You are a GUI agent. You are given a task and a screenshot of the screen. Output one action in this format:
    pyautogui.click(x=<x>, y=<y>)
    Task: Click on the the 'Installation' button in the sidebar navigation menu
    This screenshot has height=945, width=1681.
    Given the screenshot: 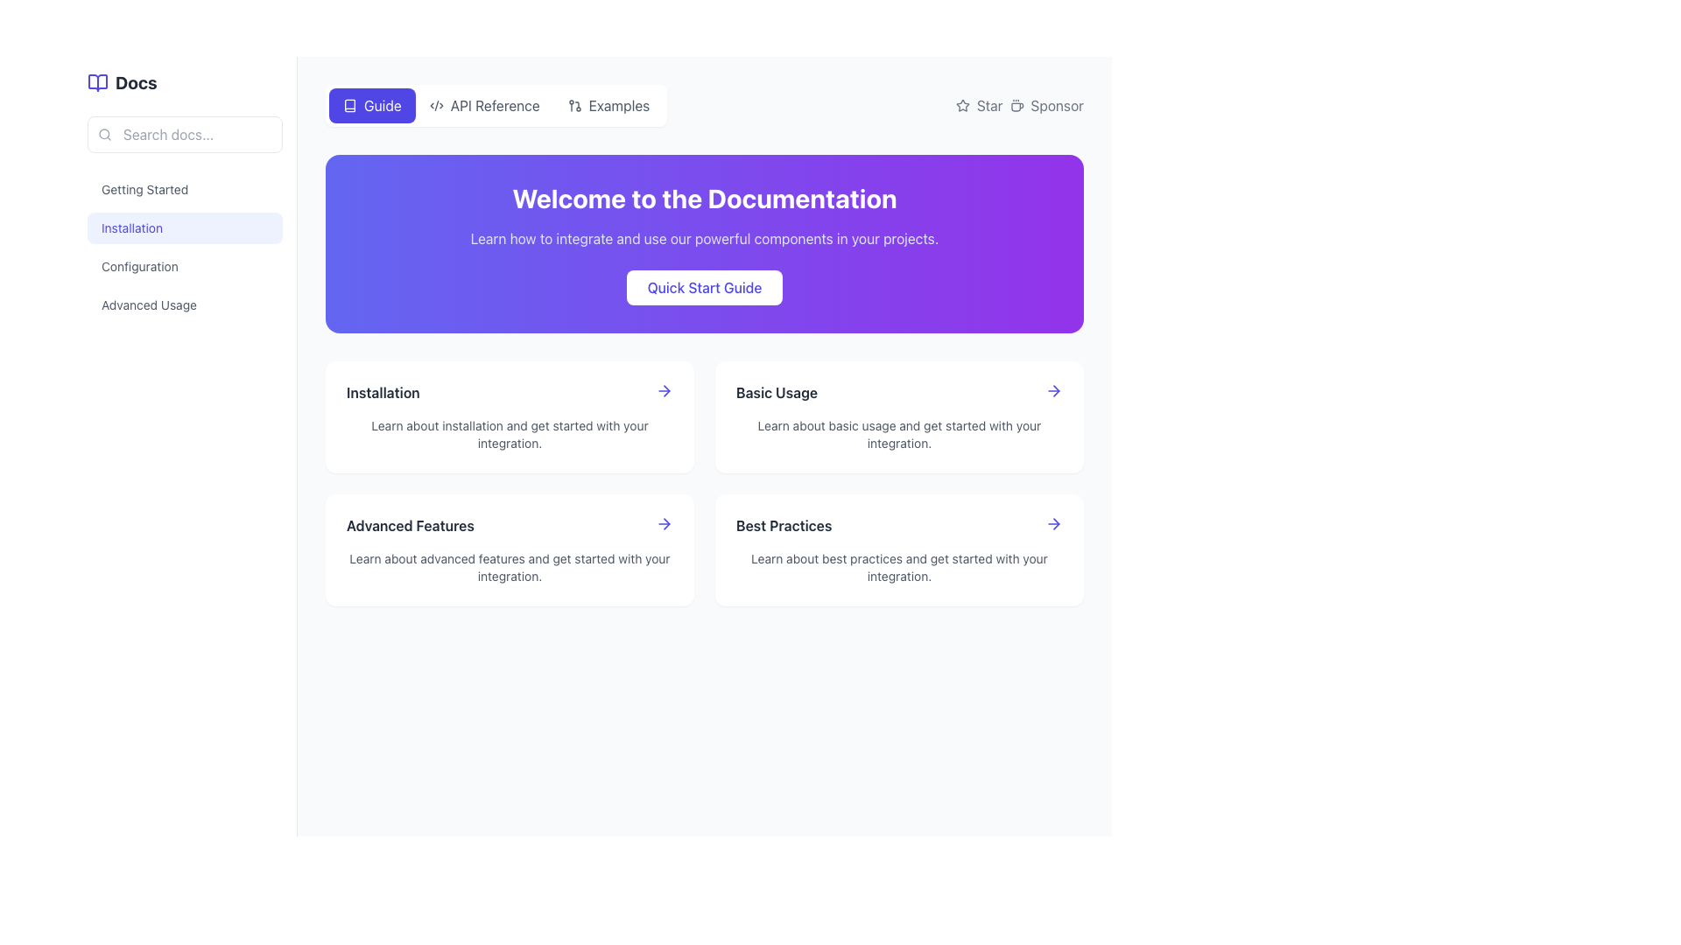 What is the action you would take?
    pyautogui.click(x=185, y=247)
    